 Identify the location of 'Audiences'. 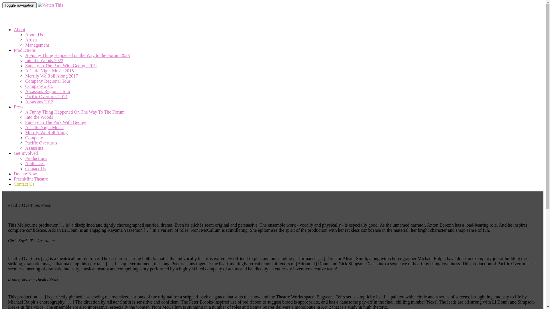
(34, 163).